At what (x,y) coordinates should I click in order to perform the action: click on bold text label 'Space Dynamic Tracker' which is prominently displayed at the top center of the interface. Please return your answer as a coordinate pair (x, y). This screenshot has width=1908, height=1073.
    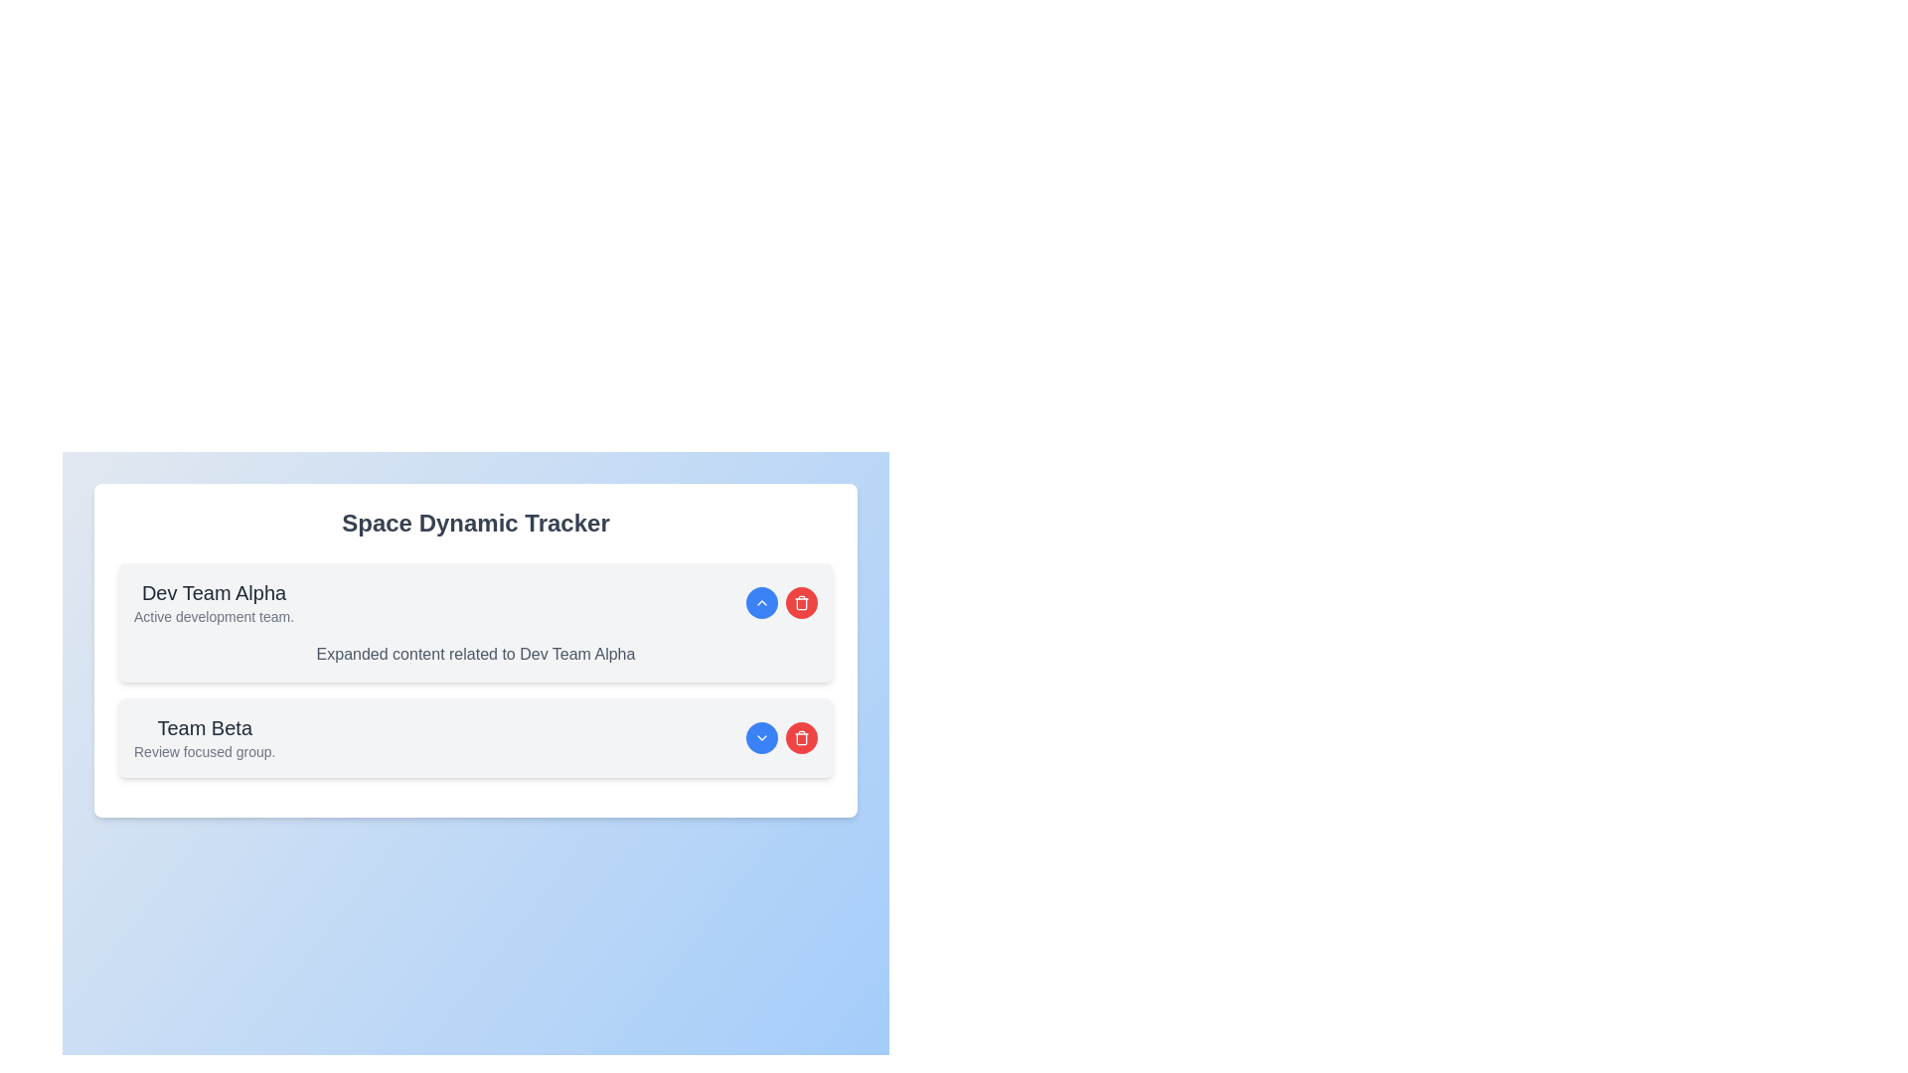
    Looking at the image, I should click on (475, 523).